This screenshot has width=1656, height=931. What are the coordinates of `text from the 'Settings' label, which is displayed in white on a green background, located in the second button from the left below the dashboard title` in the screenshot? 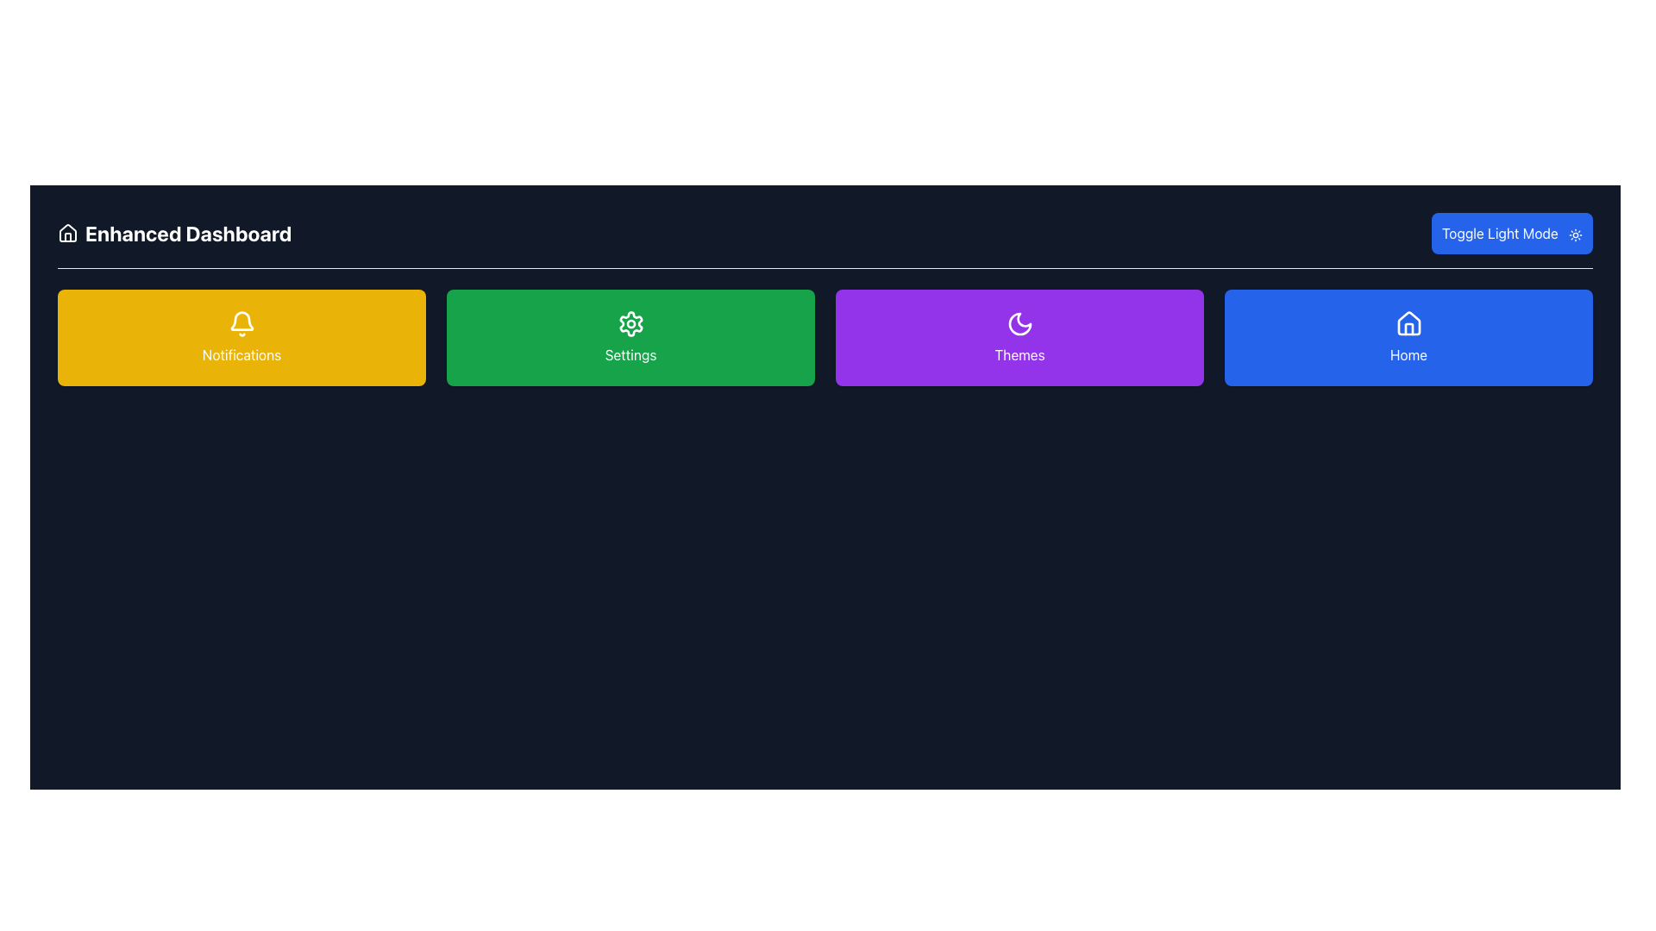 It's located at (630, 354).